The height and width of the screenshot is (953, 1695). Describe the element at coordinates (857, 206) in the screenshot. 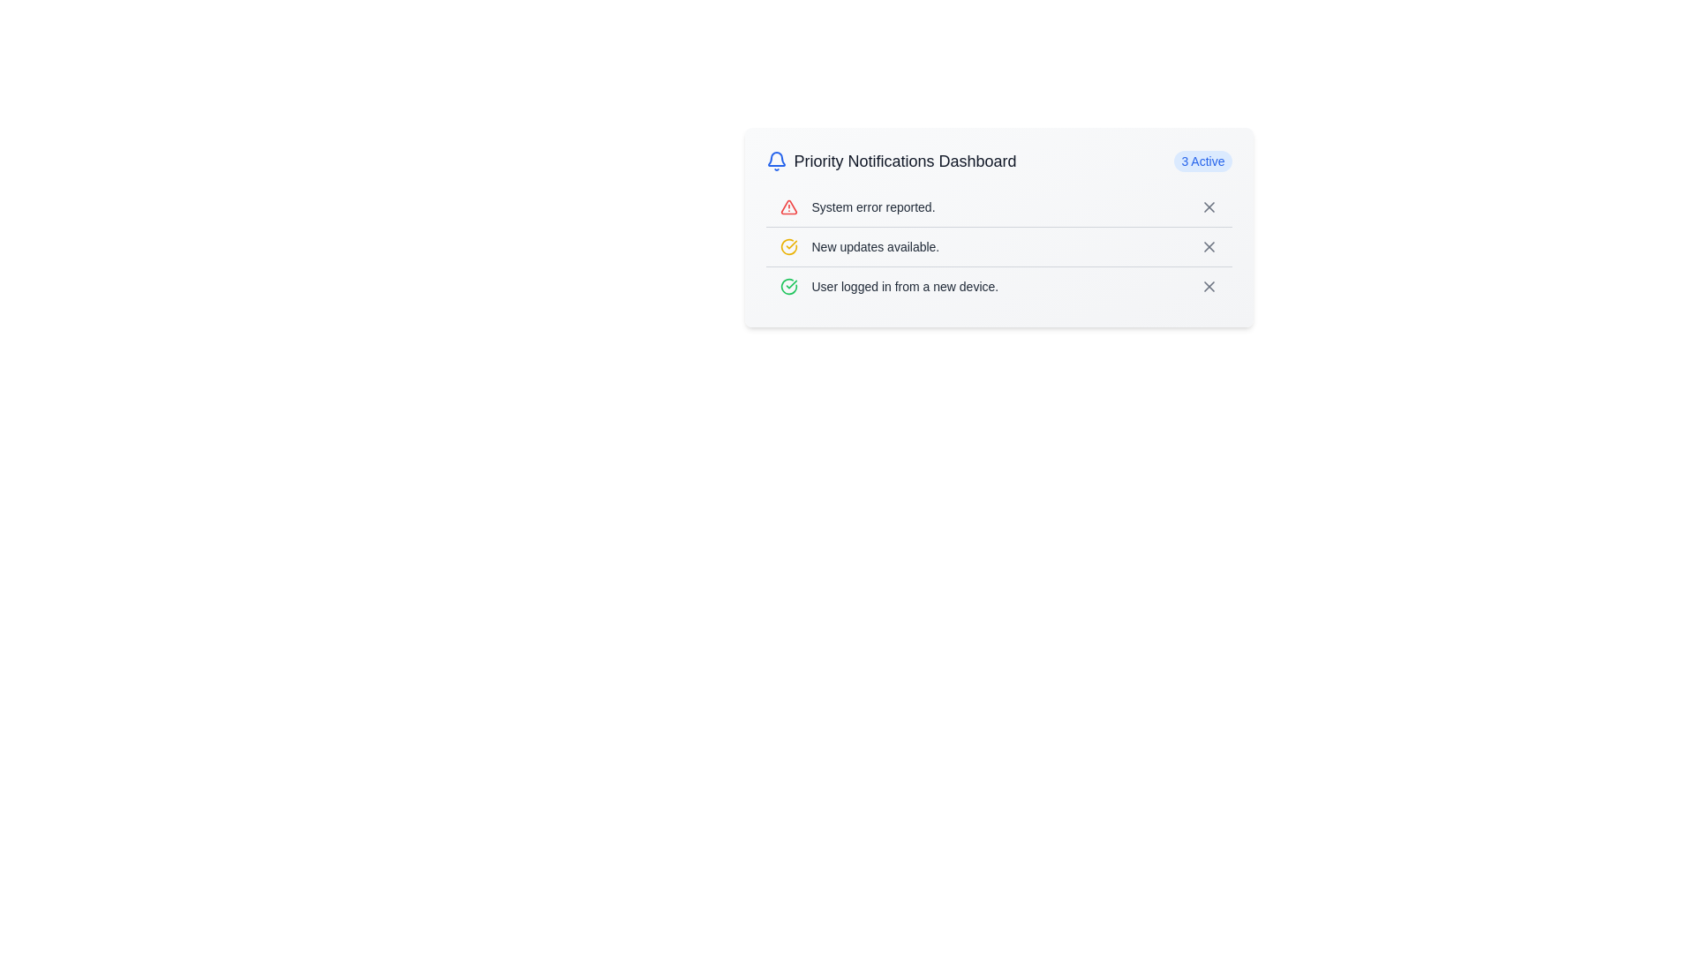

I see `the Notification item that alerts the user of a system error, which is the first item in the list under the 'Priority Notifications Dashboard'` at that location.